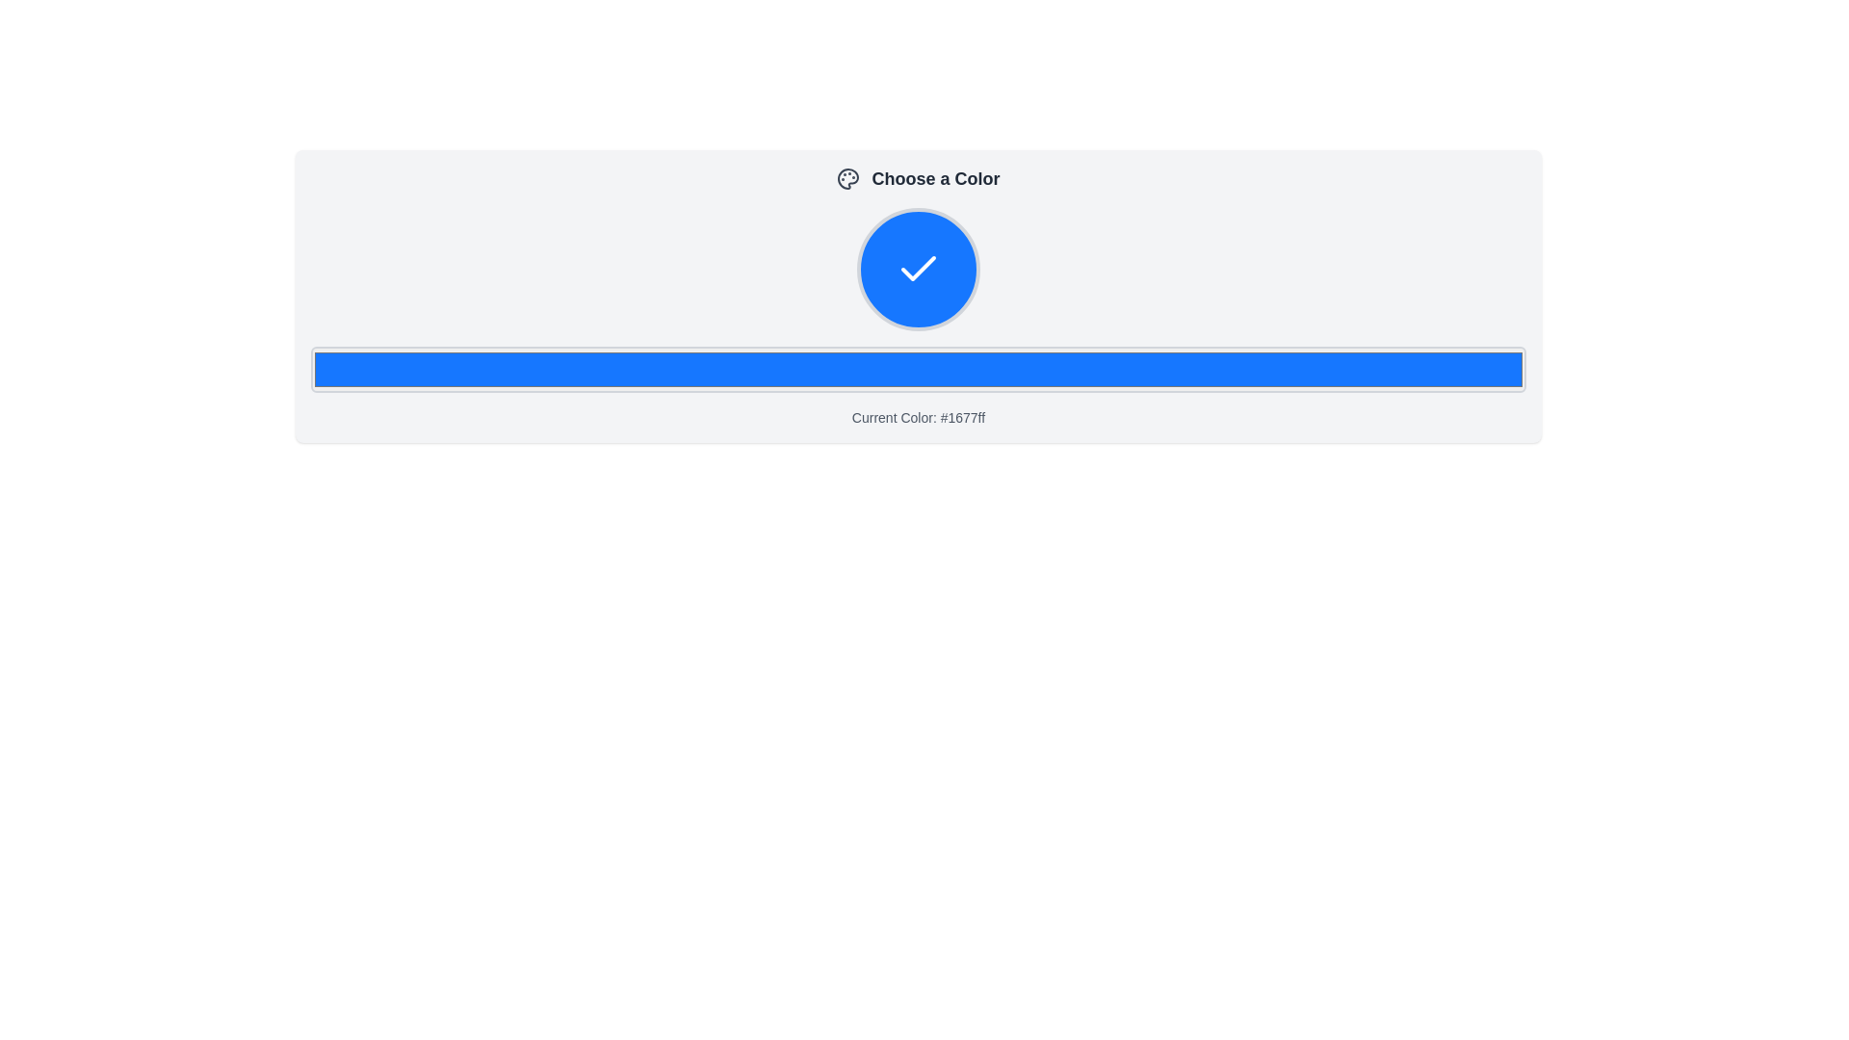 This screenshot has width=1849, height=1040. What do you see at coordinates (918, 270) in the screenshot?
I see `the white checkmark icon inside the blue circular button, which is part of the color selection interface located near the top center of the interface` at bounding box center [918, 270].